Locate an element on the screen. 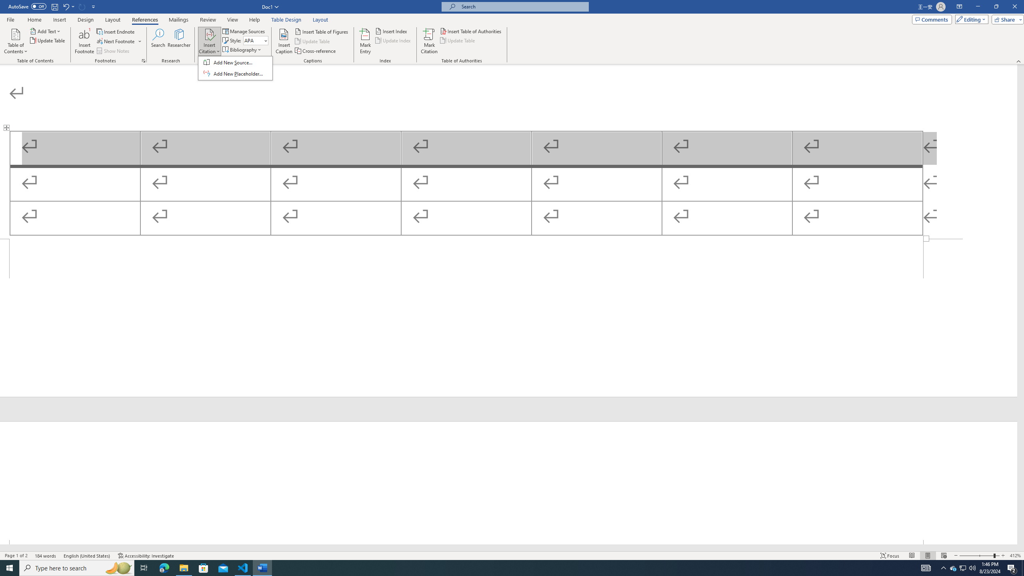 This screenshot has width=1024, height=576. 'Page Number Page 1 of 2' is located at coordinates (16, 556).